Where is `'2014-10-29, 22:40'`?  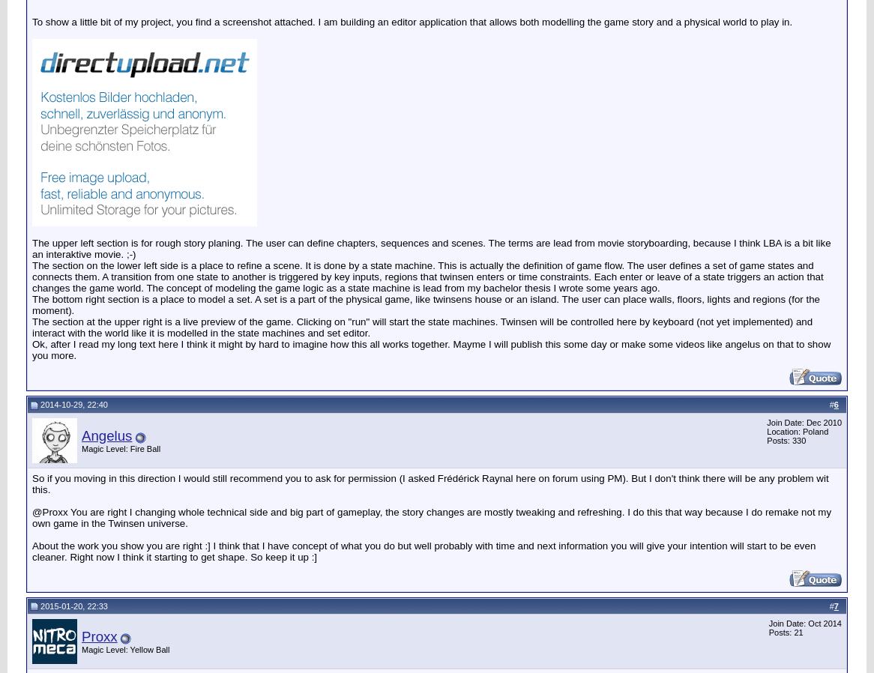 '2014-10-29, 22:40' is located at coordinates (37, 402).